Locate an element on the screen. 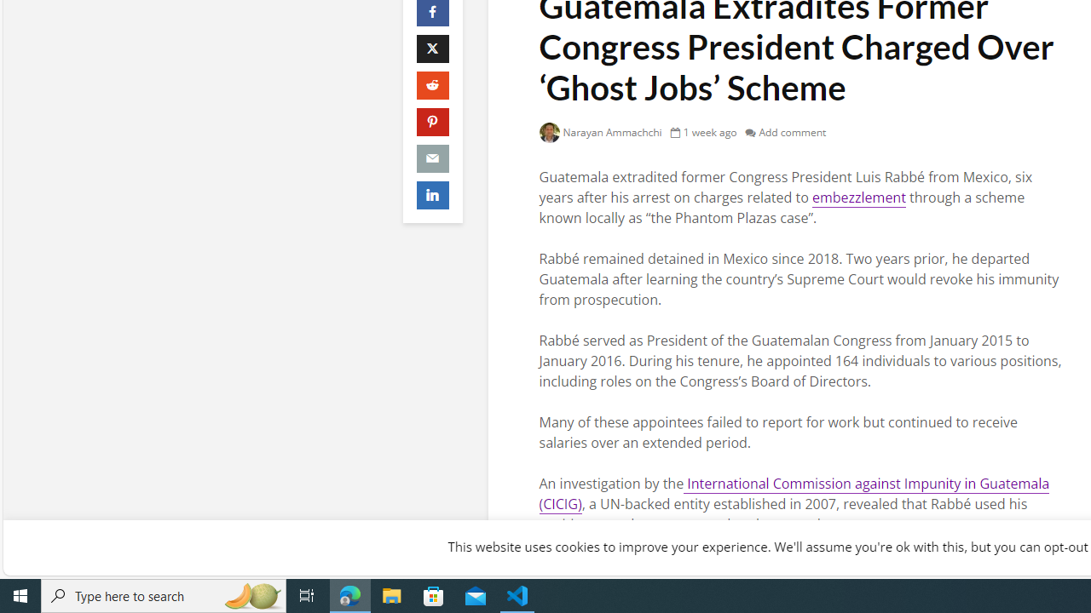 Image resolution: width=1091 pixels, height=613 pixels. 'Narayan Ammachchi' is located at coordinates (600, 131).